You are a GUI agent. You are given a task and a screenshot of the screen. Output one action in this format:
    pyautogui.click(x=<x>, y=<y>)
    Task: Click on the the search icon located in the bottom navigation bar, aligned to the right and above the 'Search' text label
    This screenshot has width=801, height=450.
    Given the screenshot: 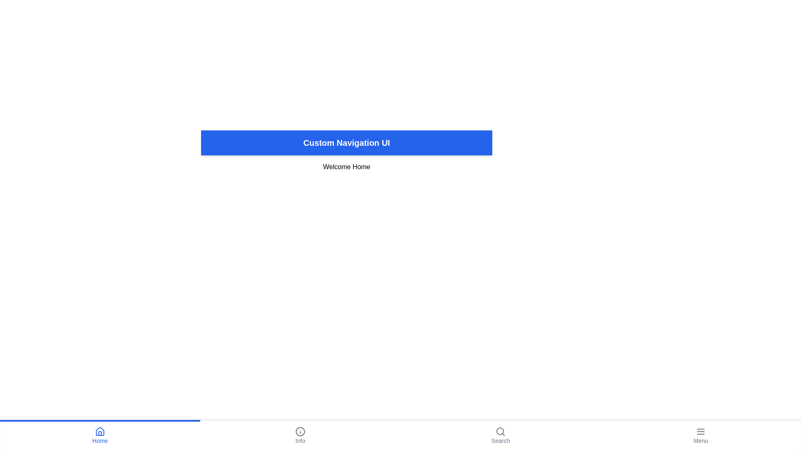 What is the action you would take?
    pyautogui.click(x=501, y=431)
    